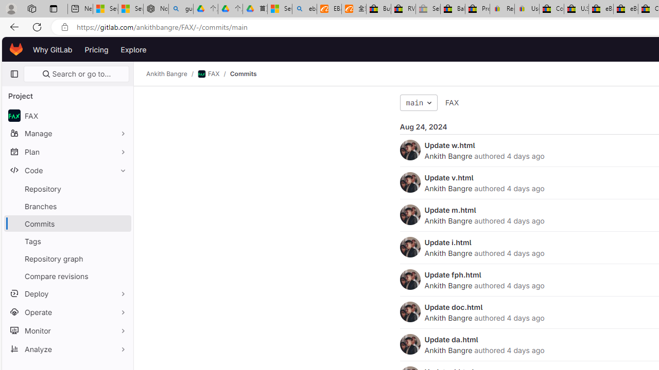 This screenshot has height=370, width=659. What do you see at coordinates (453, 274) in the screenshot?
I see `'Update fph.html'` at bounding box center [453, 274].